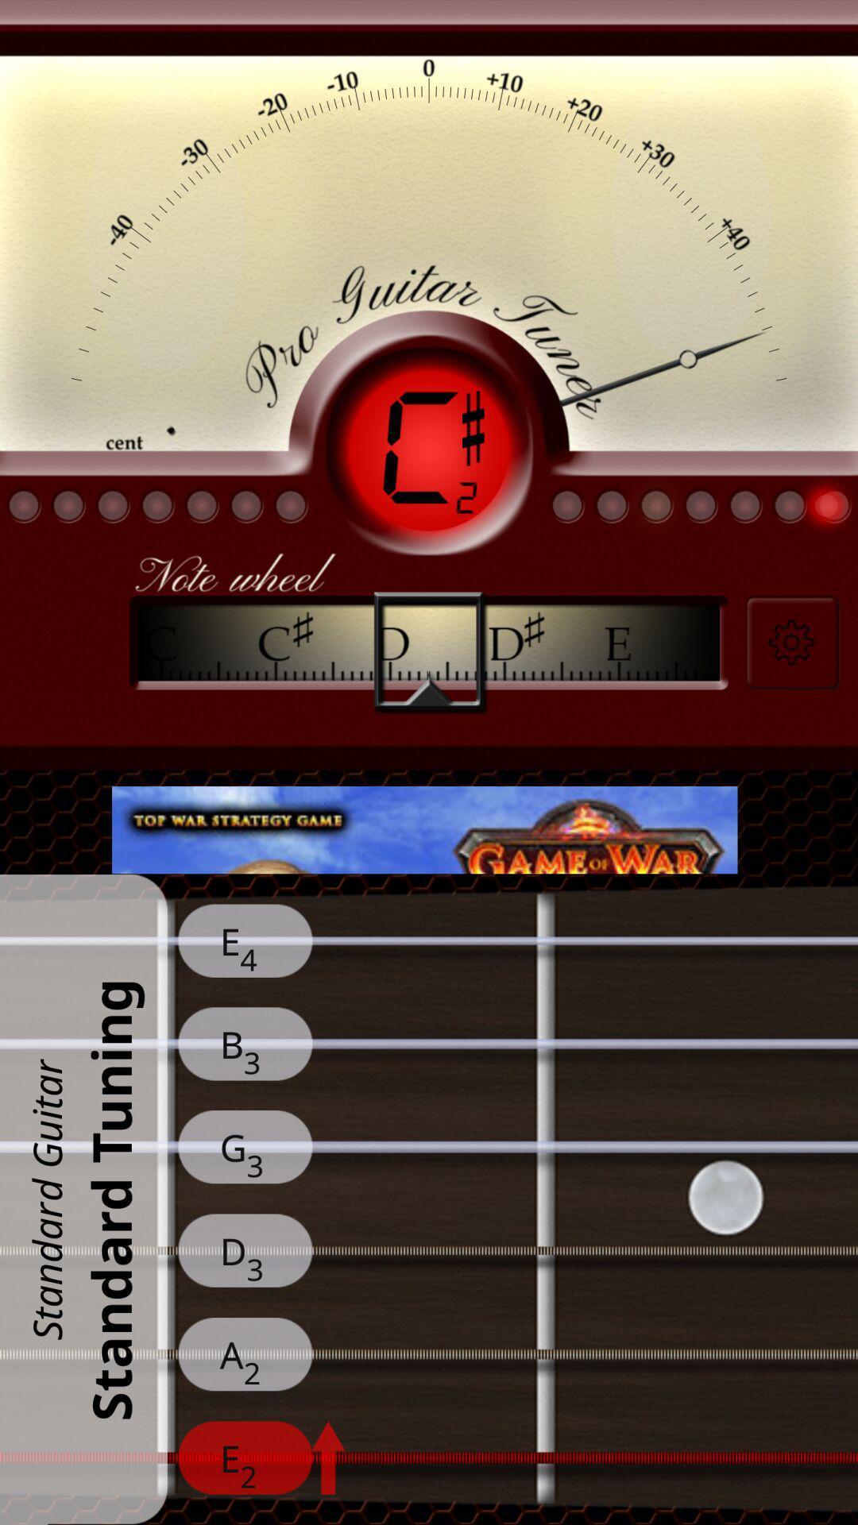 The width and height of the screenshot is (858, 1525). I want to click on the button below pro guitar tuner, so click(429, 450).